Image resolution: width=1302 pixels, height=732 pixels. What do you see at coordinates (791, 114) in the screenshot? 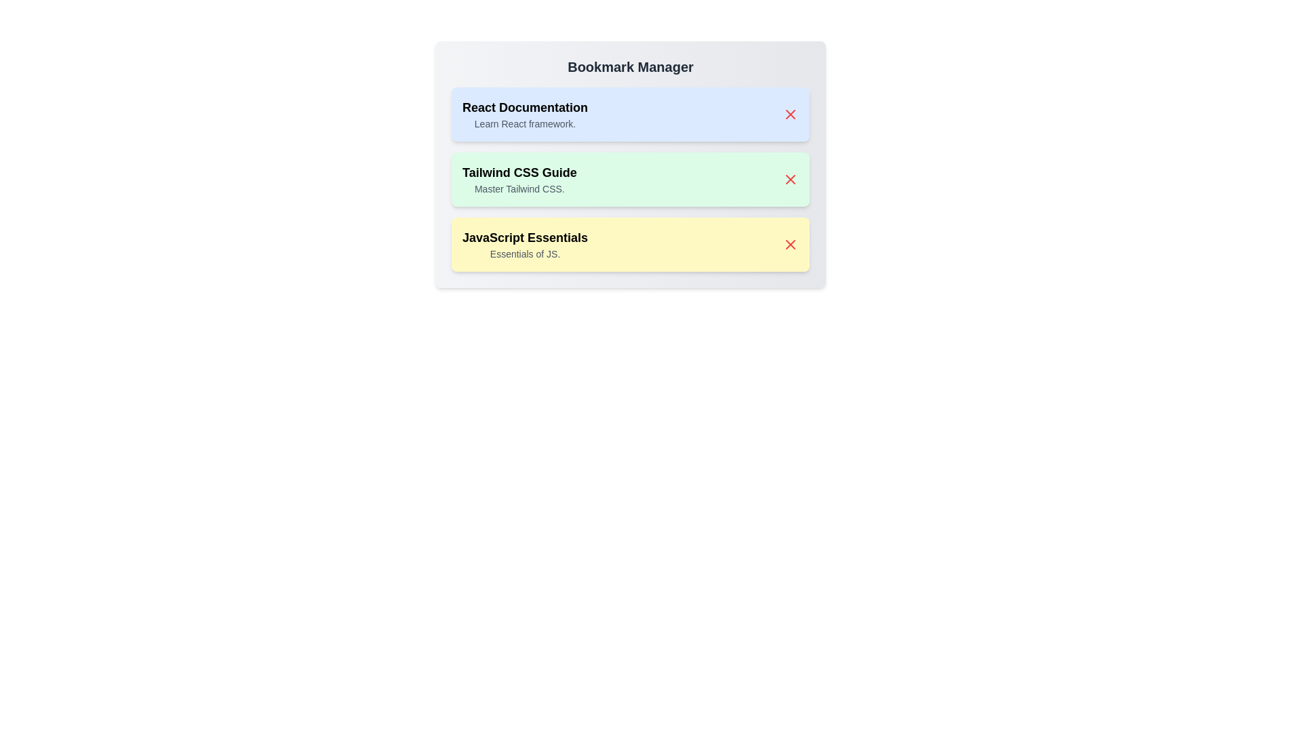
I see `close button next to the bookmark titled React Documentation to remove it` at bounding box center [791, 114].